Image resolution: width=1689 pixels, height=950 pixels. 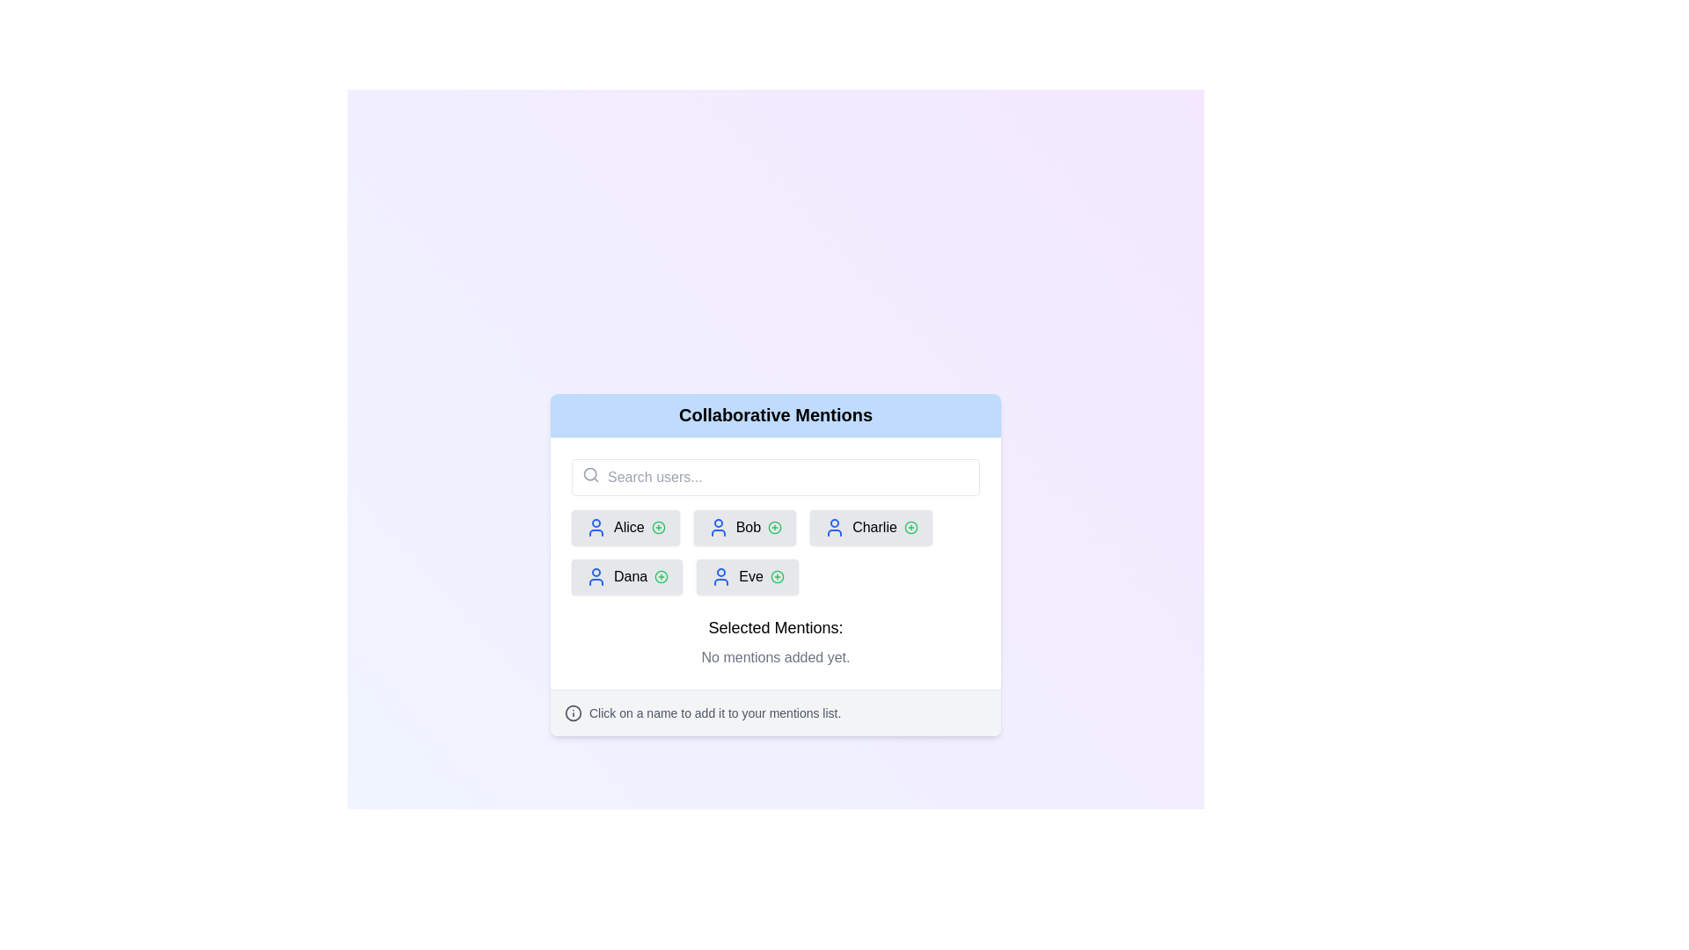 What do you see at coordinates (574, 712) in the screenshot?
I see `the circular information icon, which features a centered 'i' and is located adjacent to the message 'Click on a name to add it to your mentions list.'` at bounding box center [574, 712].